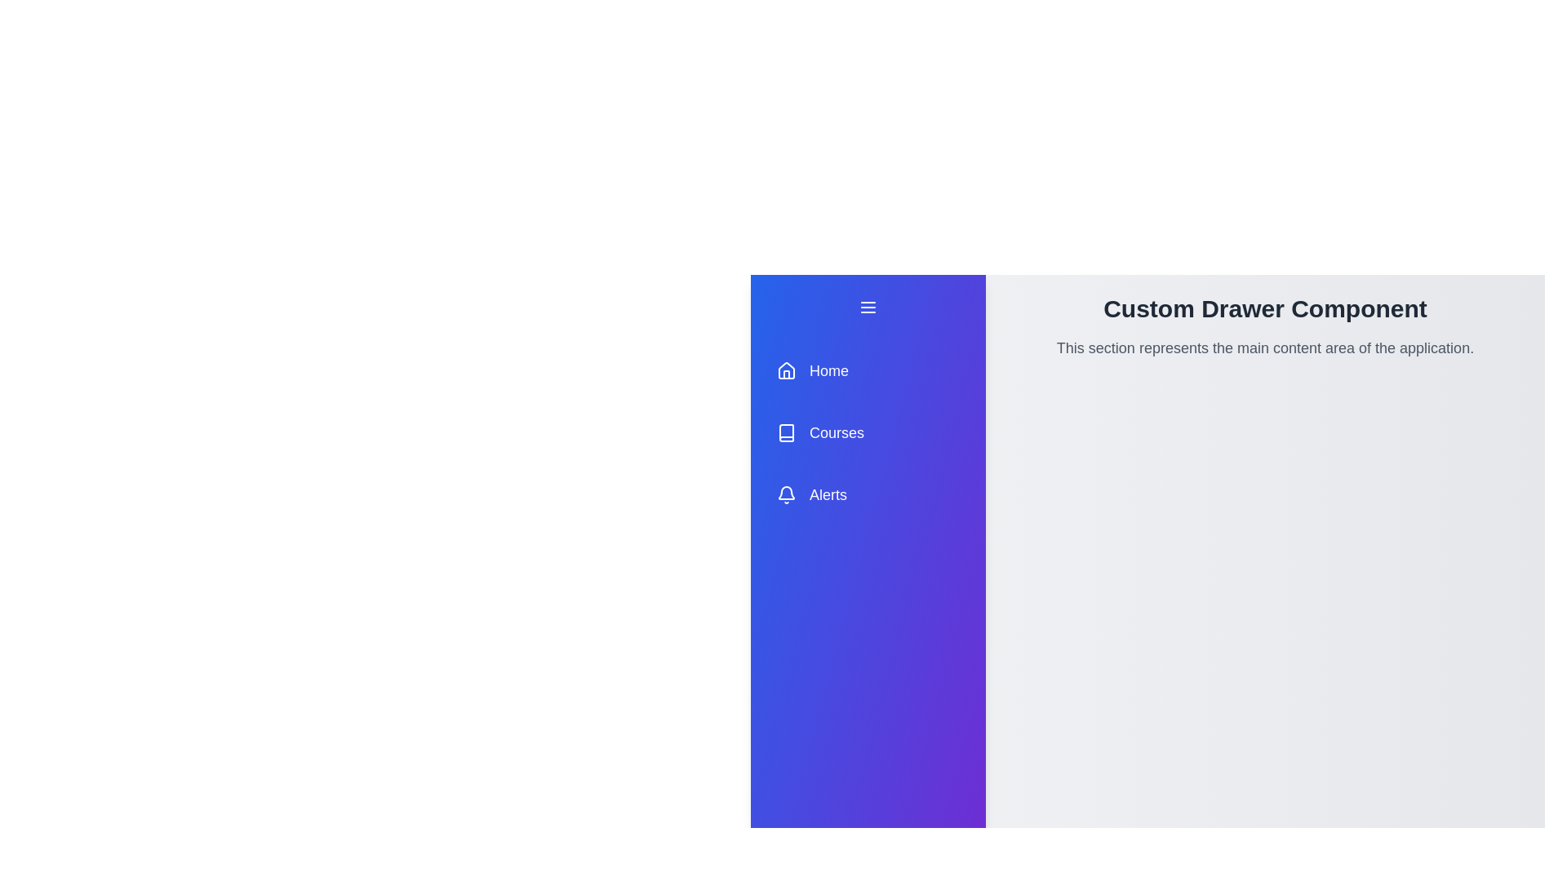 Image resolution: width=1567 pixels, height=881 pixels. I want to click on the menu button to toggle the drawer state, so click(868, 308).